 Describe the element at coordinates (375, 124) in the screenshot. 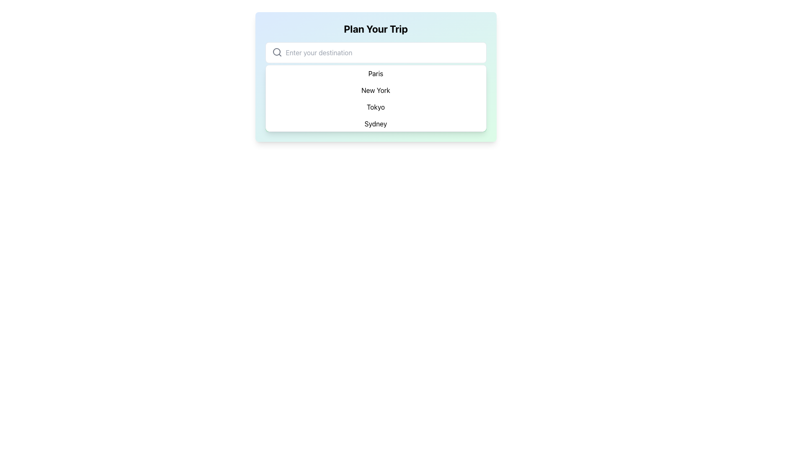

I see `the selectable option 'Sydney' in the dropdown menu` at that location.